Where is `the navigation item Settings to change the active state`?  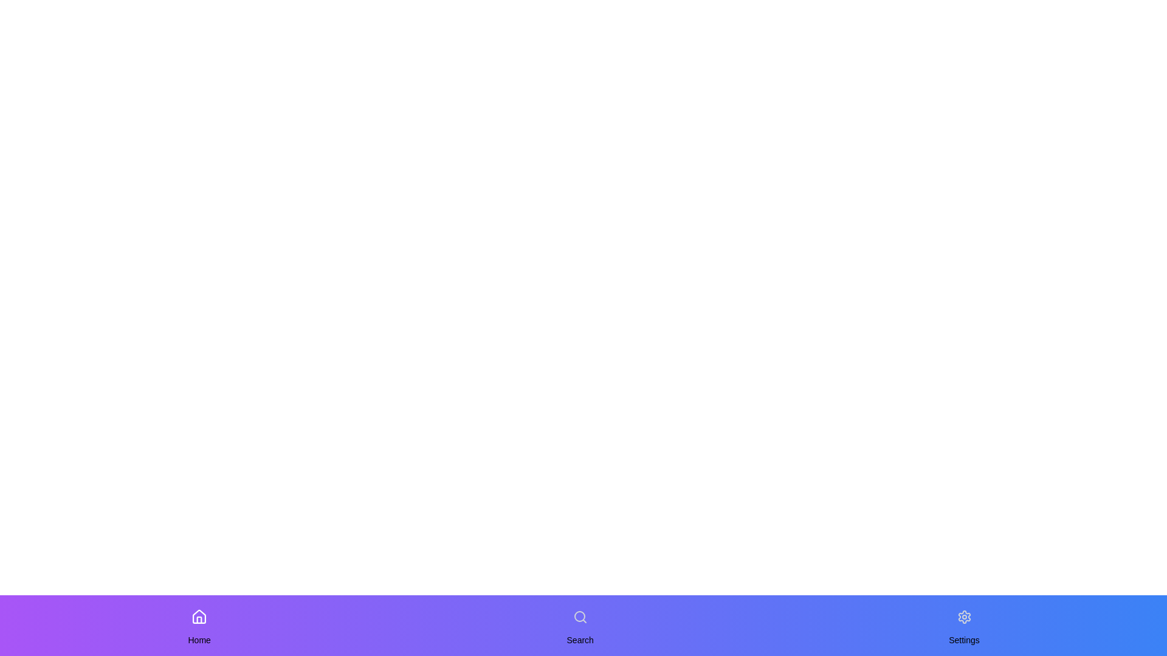
the navigation item Settings to change the active state is located at coordinates (963, 617).